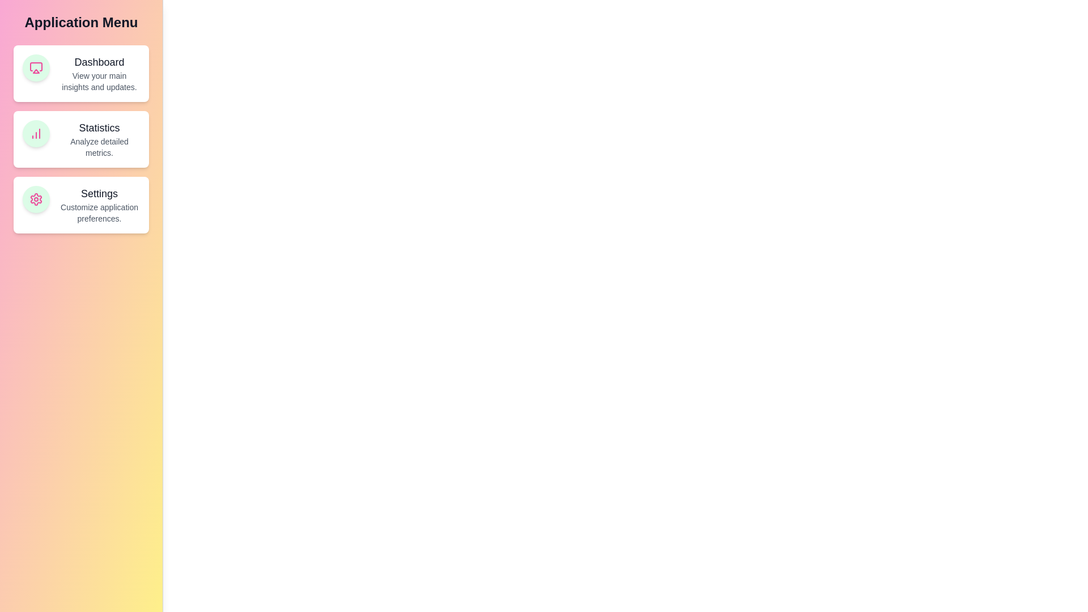 The height and width of the screenshot is (612, 1088). What do you see at coordinates (80, 205) in the screenshot?
I see `the feature card for Settings` at bounding box center [80, 205].